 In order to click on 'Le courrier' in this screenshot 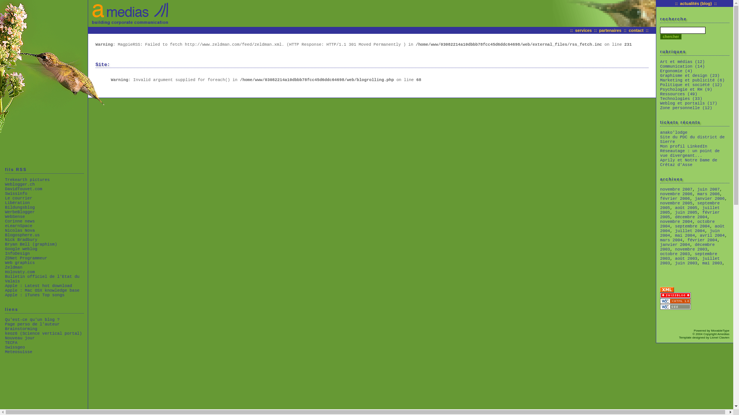, I will do `click(18, 198)`.